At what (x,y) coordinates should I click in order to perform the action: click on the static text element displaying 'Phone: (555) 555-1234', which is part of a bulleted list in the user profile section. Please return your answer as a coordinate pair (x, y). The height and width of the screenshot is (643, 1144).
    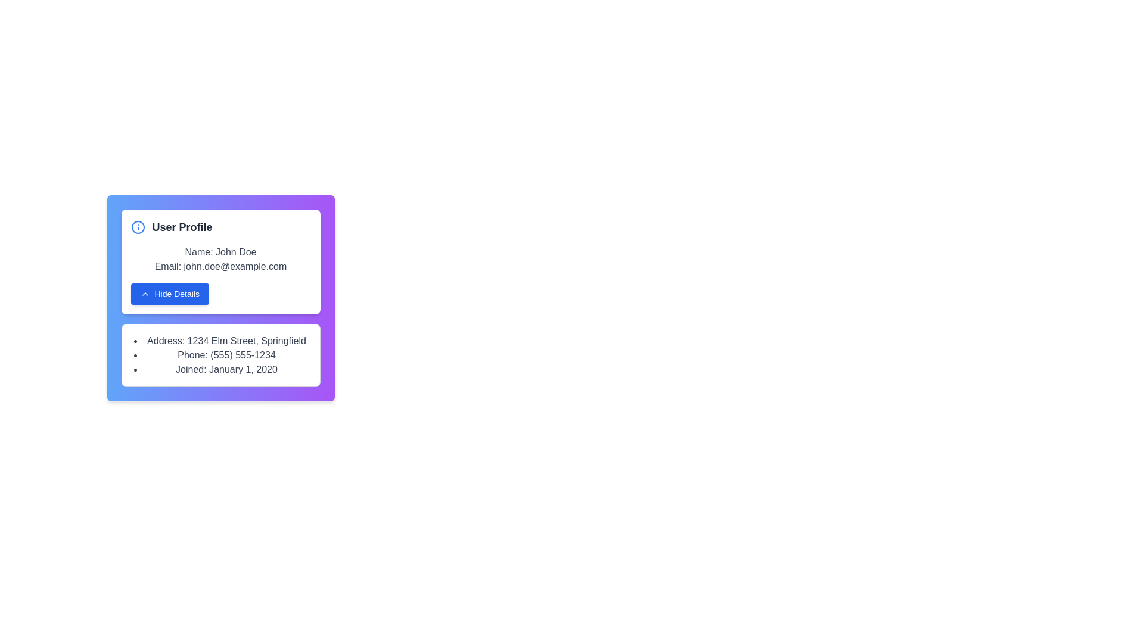
    Looking at the image, I should click on (226, 355).